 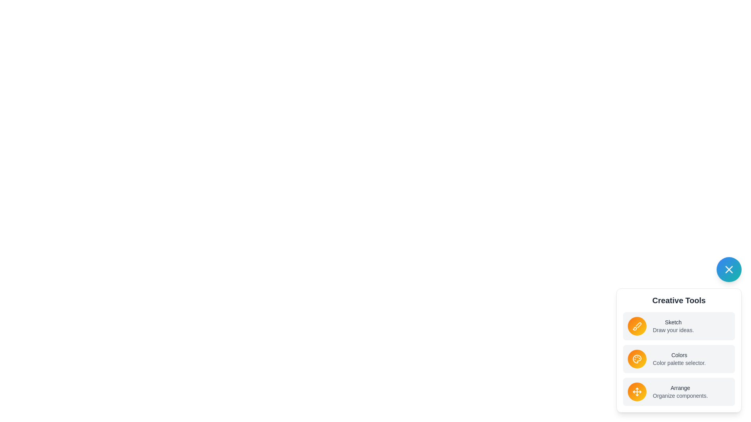 I want to click on the tool labeled Arrange in the list, so click(x=679, y=392).